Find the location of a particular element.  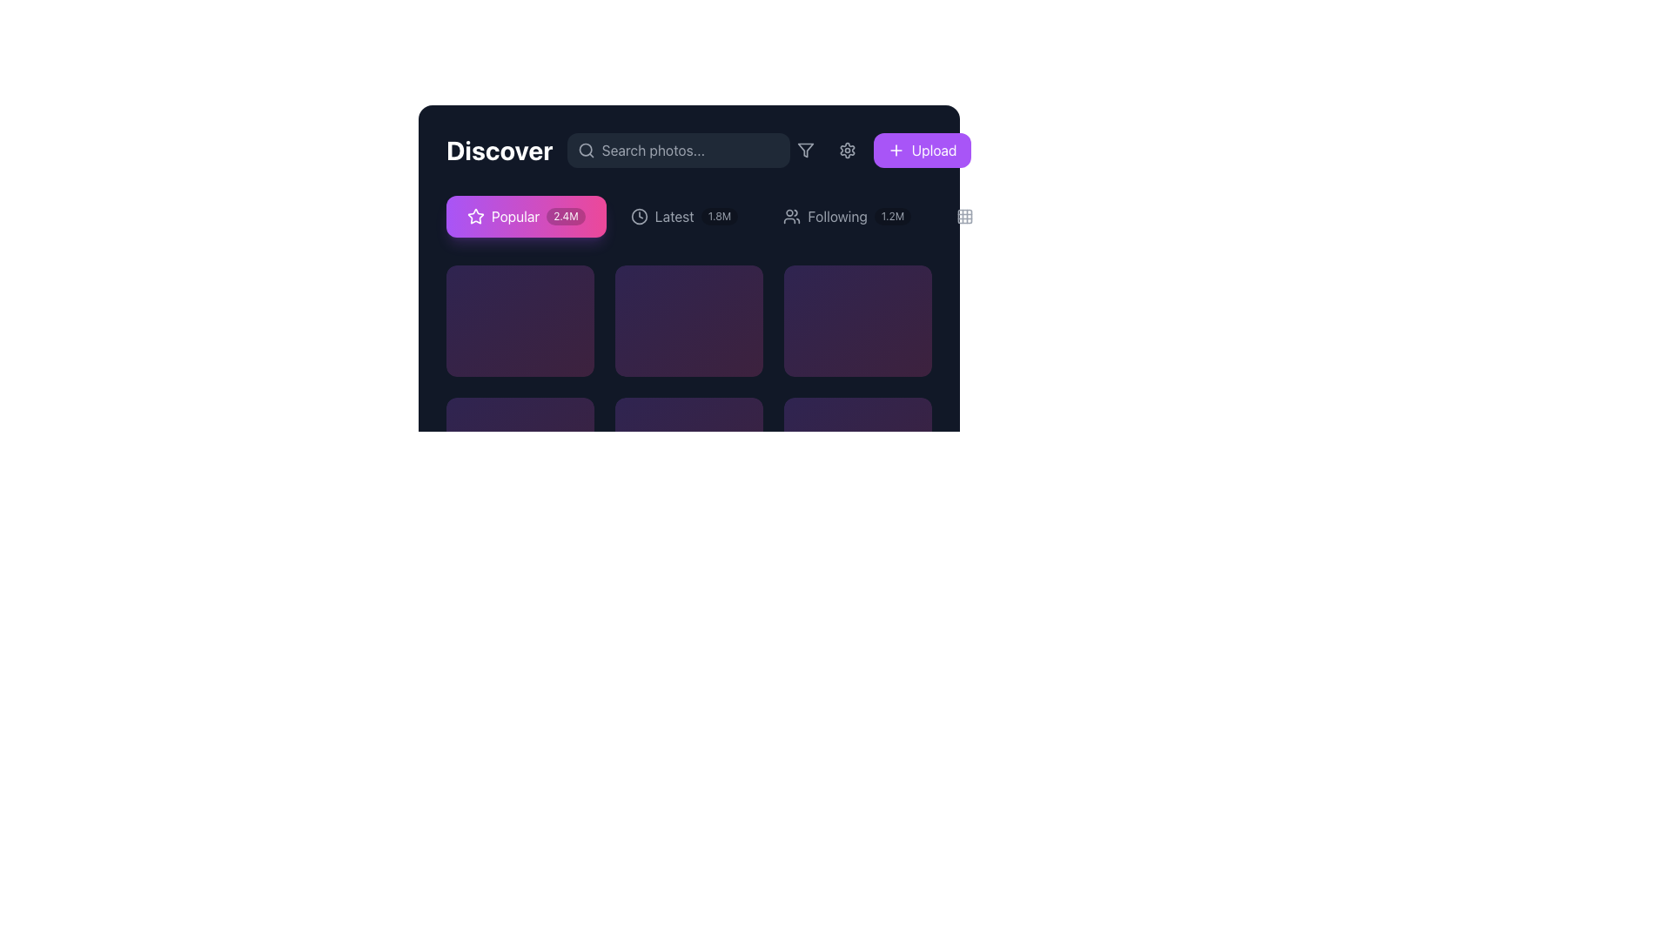

the Interactive Card representing 'Nature' located at the top-left corner of the grid layout is located at coordinates (520, 319).